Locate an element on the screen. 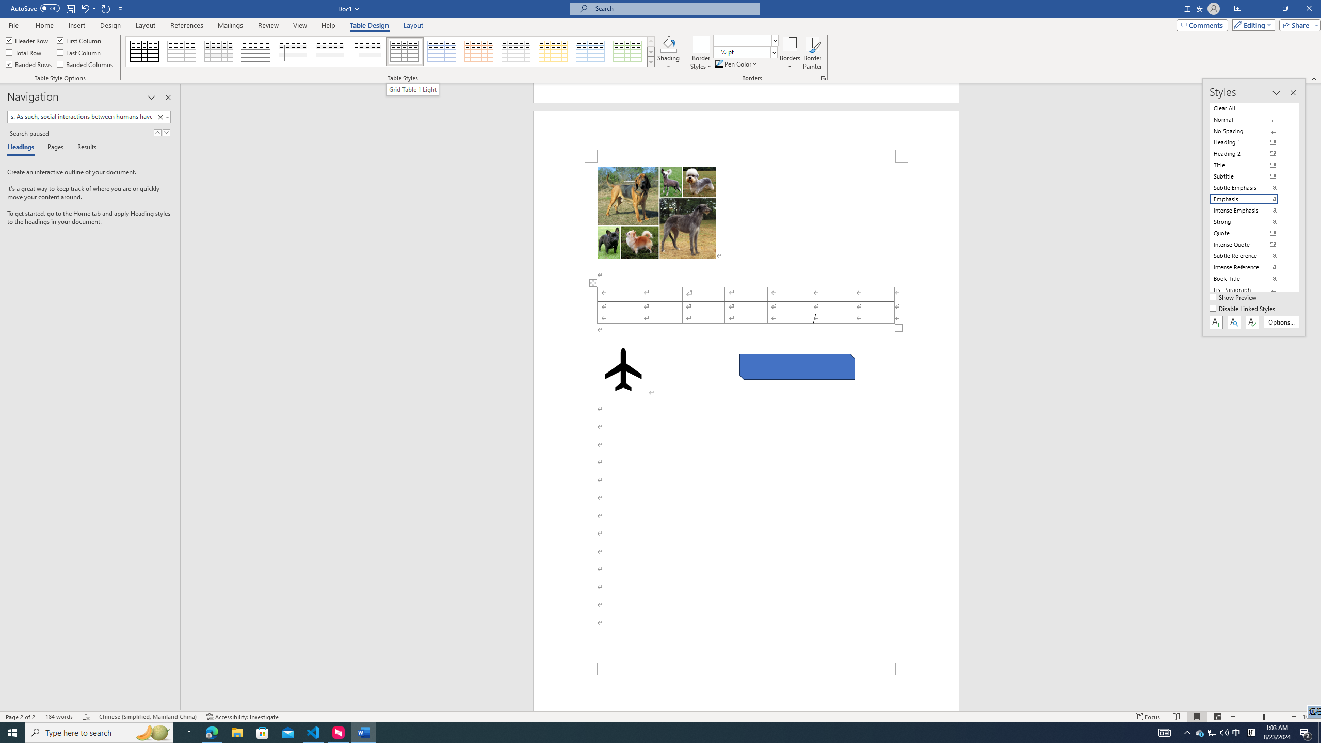 The width and height of the screenshot is (1321, 743). 'Table Grid' is located at coordinates (145, 51).